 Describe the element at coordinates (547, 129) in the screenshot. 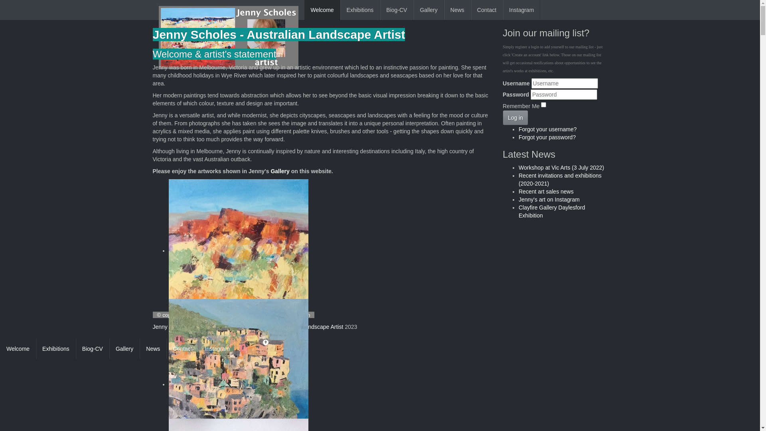

I see `'Forgot your username?'` at that location.